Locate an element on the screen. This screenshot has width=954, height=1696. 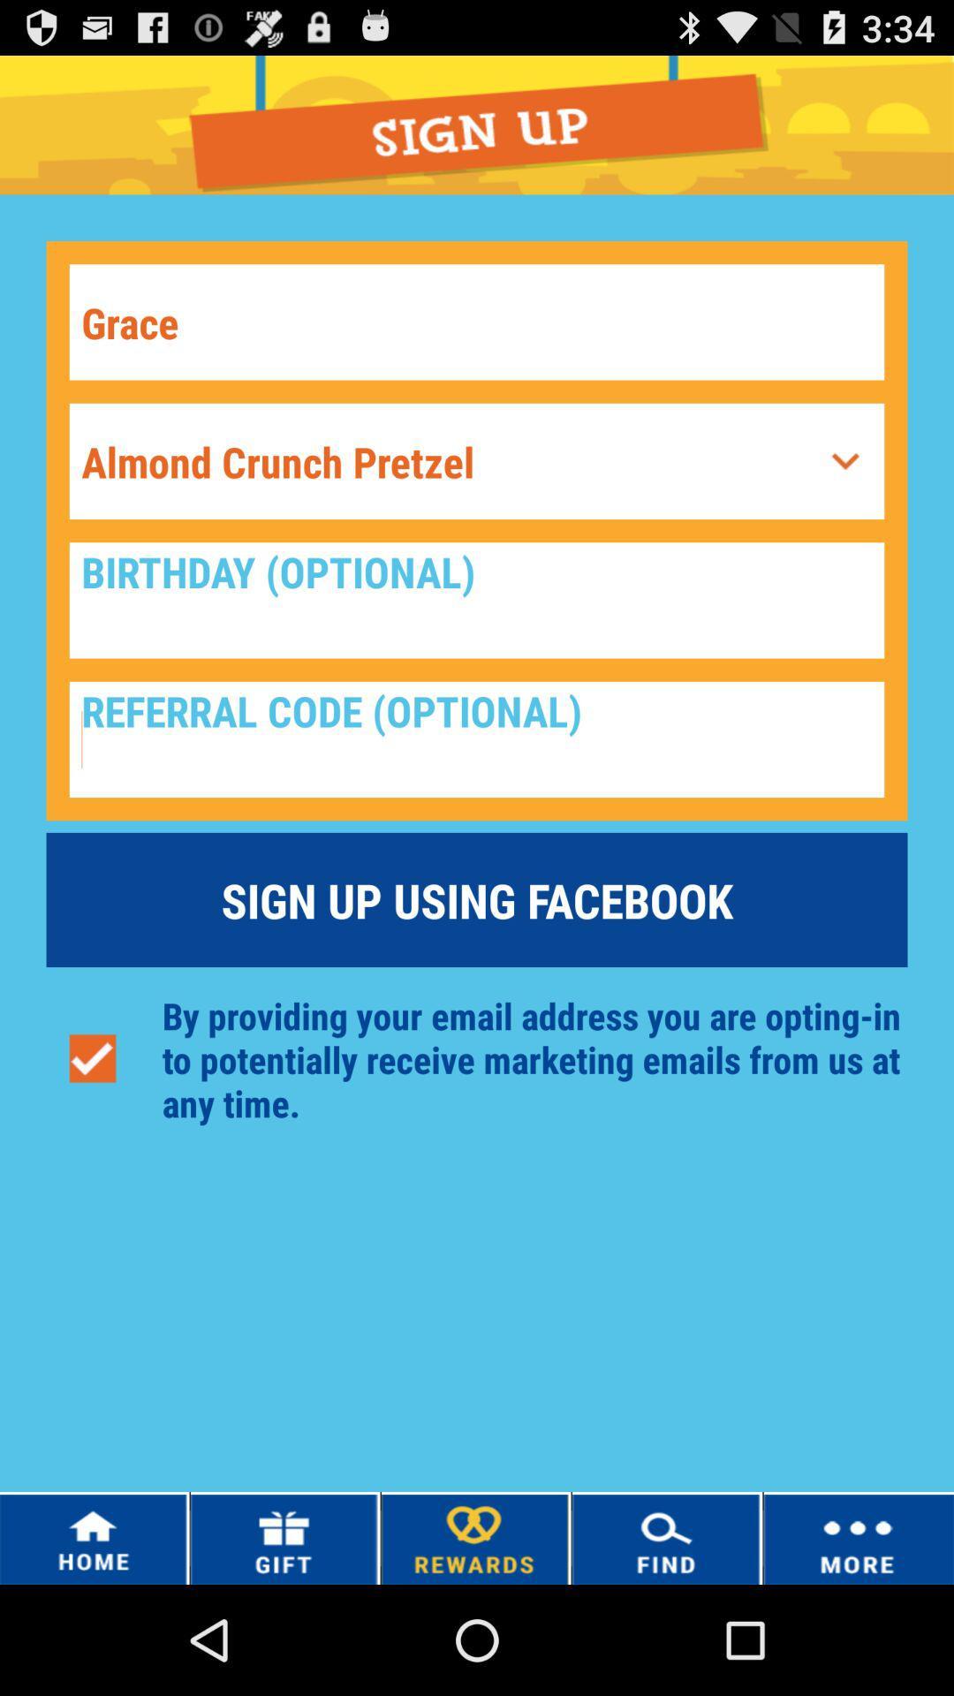
the right of home is located at coordinates (283, 1538).